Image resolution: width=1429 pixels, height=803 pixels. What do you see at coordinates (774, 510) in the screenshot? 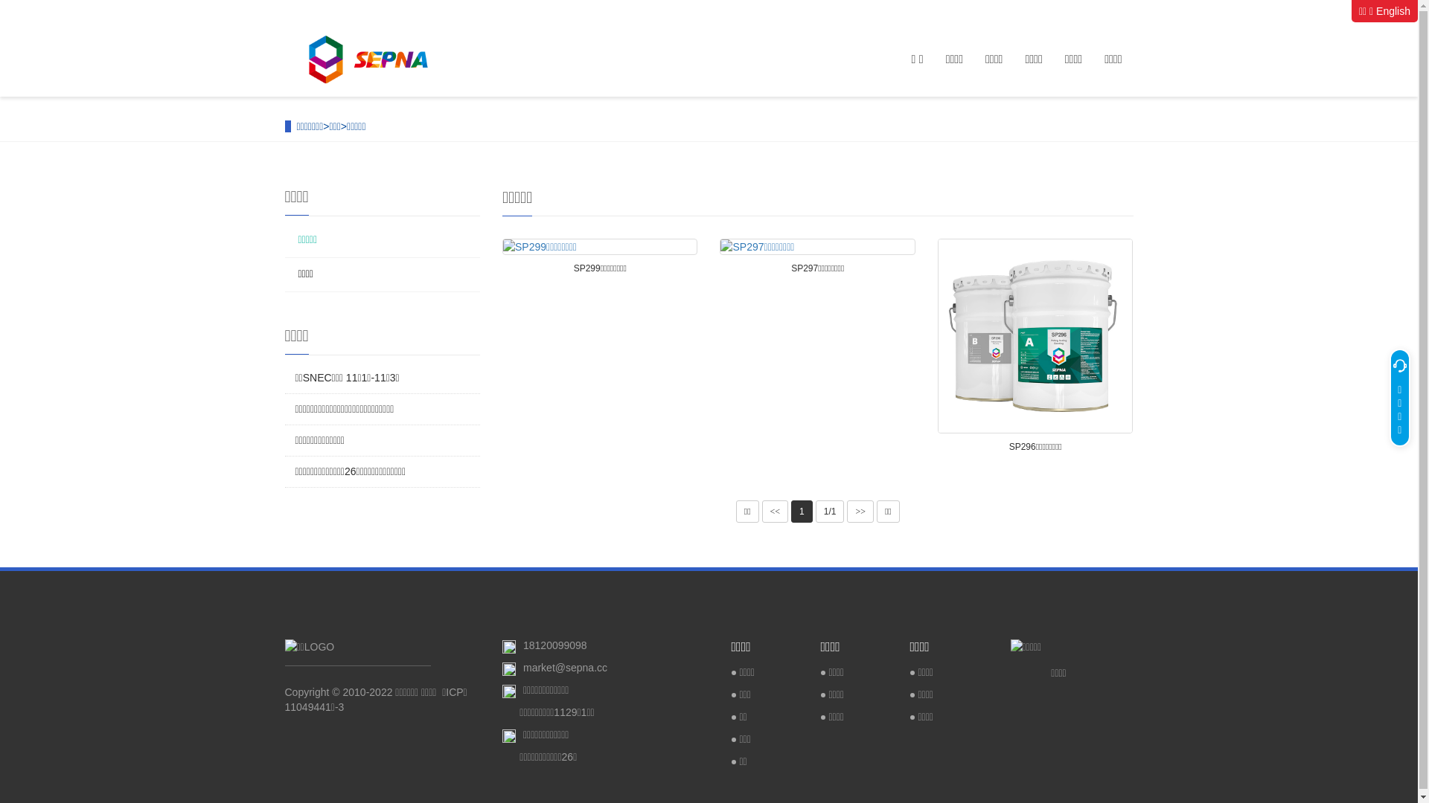
I see `'<<'` at bounding box center [774, 510].